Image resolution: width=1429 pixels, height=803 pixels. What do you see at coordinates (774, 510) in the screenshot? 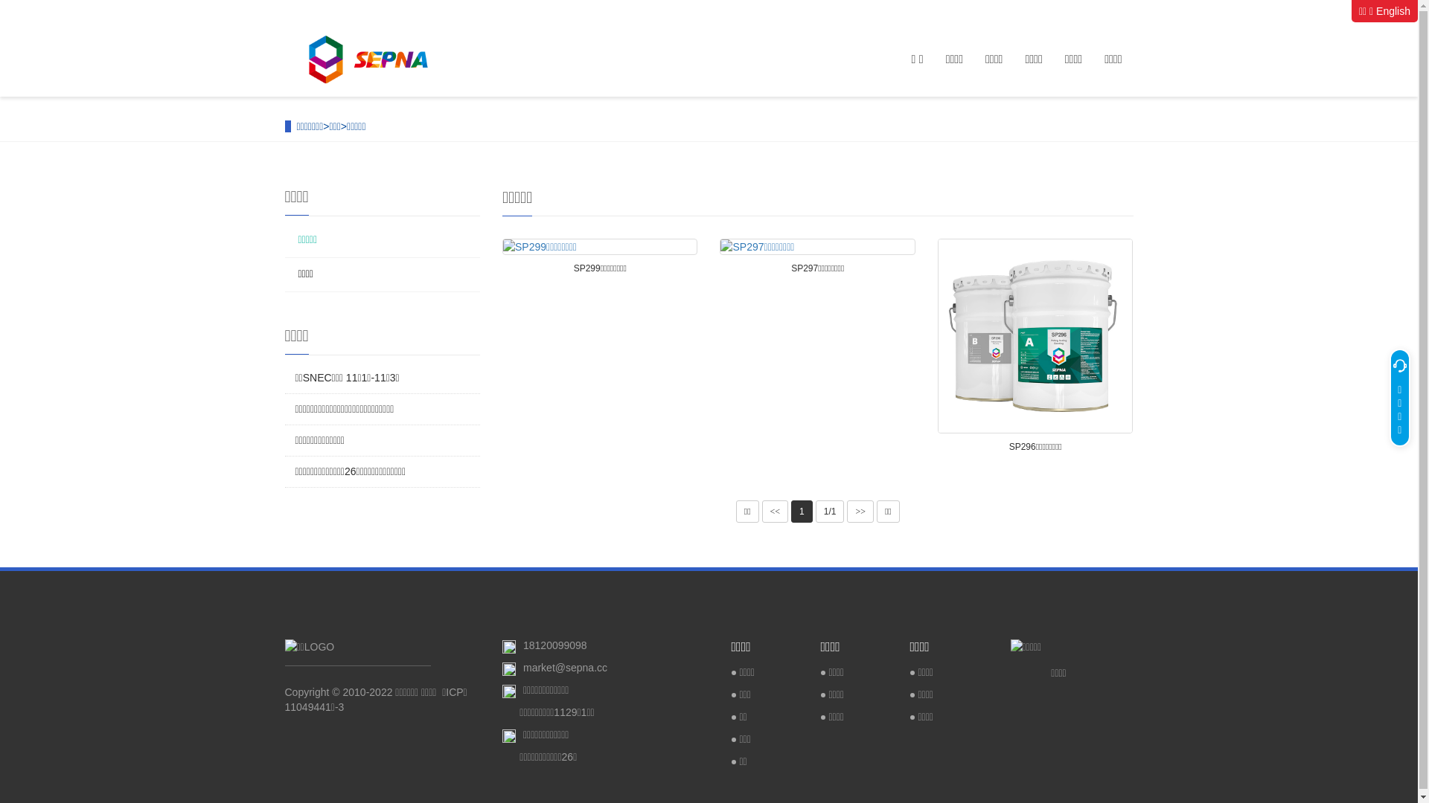
I see `'<<'` at bounding box center [774, 510].